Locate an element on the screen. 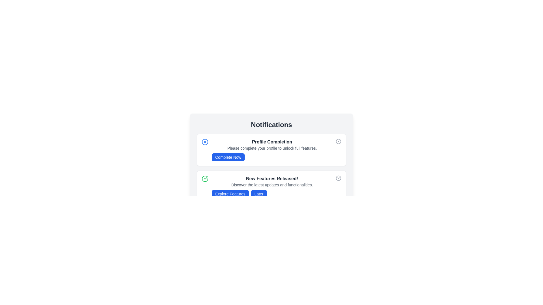 The width and height of the screenshot is (543, 305). the close button of the notification with title Profile Completion is located at coordinates (338, 141).